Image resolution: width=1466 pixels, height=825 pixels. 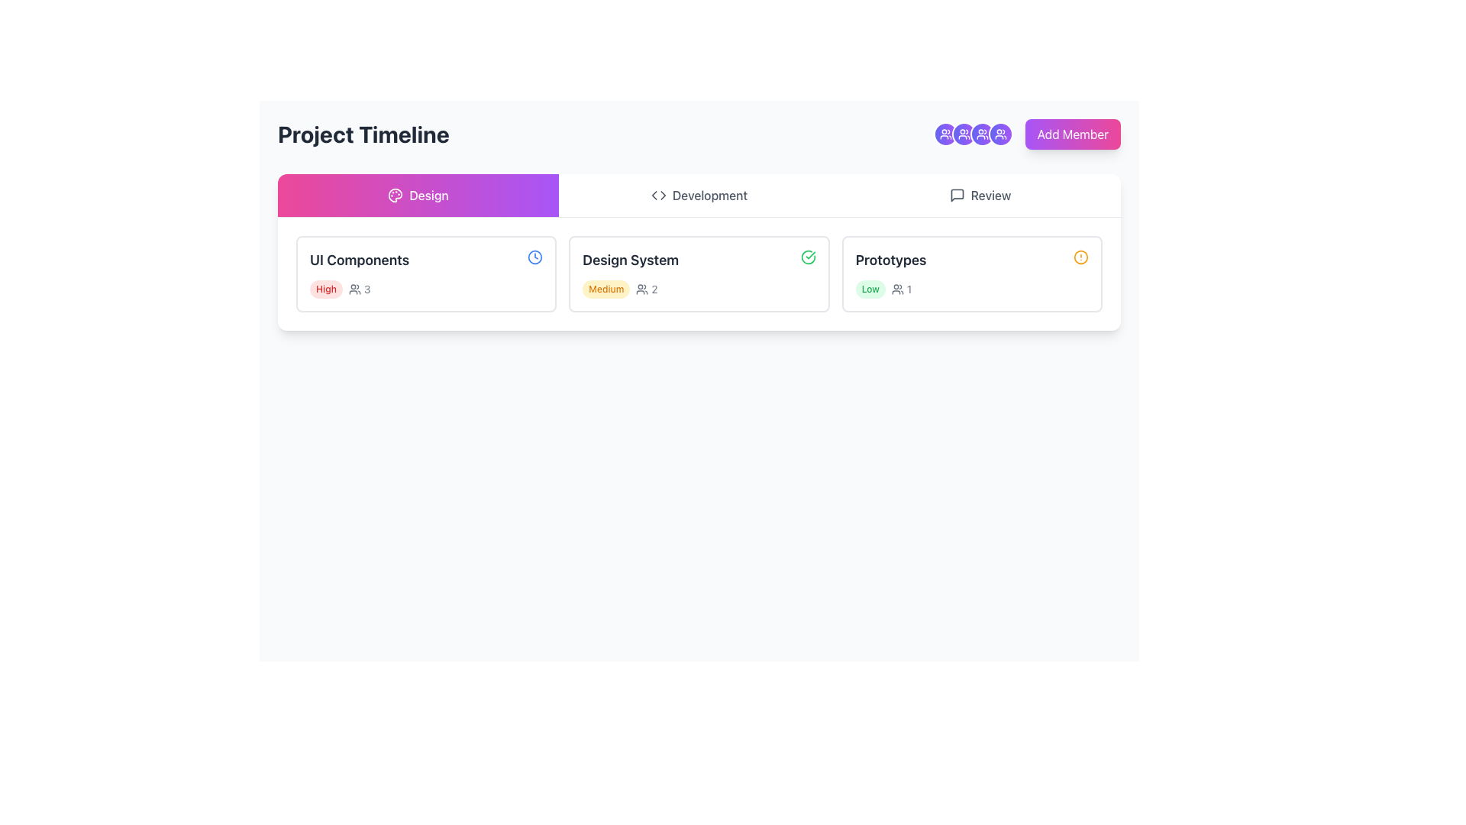 What do you see at coordinates (426, 289) in the screenshot?
I see `the text label displaying 'High3' with a bold red font and an accompanying user icon, which is located in the 'UI Components' card within the 'Design' section` at bounding box center [426, 289].